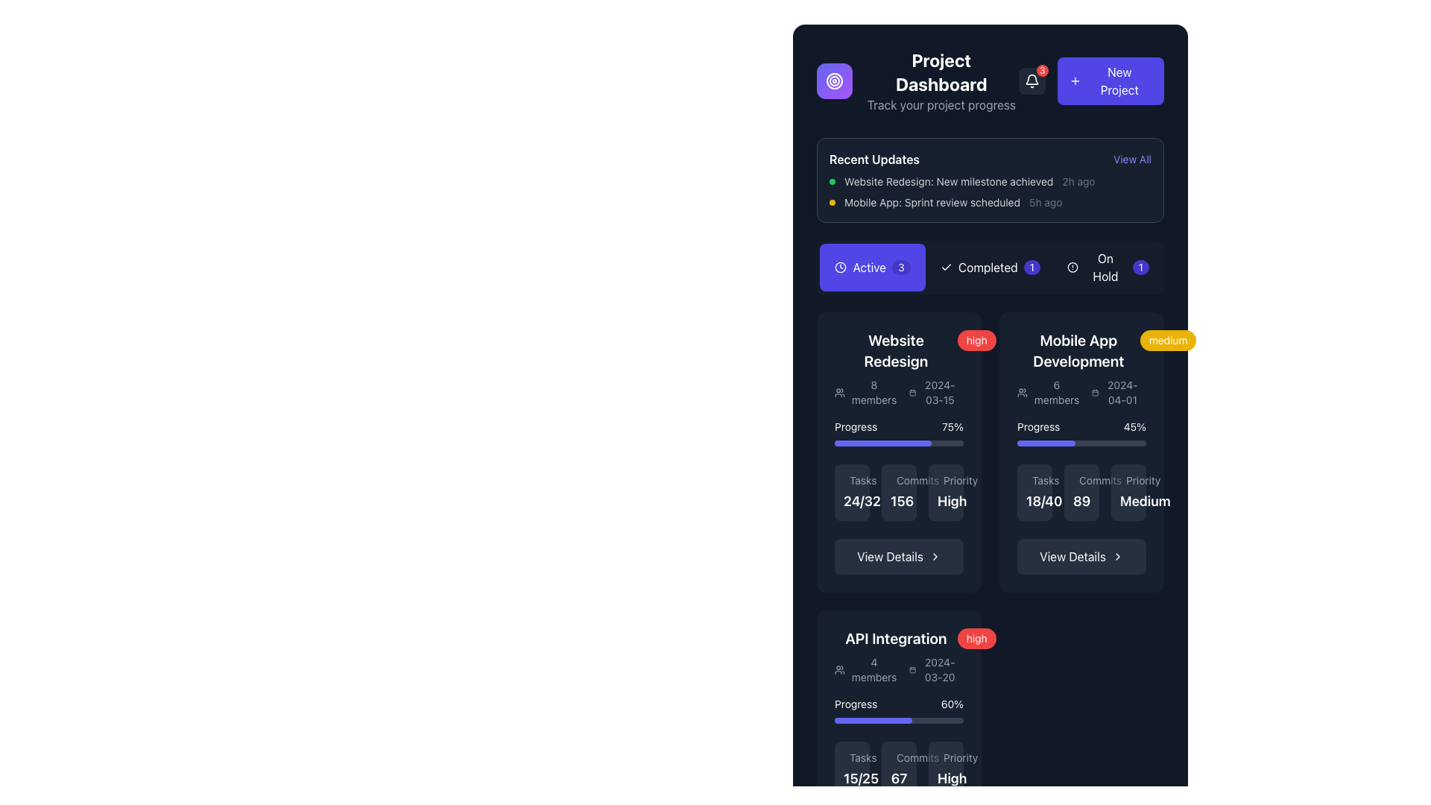 The height and width of the screenshot is (805, 1431). What do you see at coordinates (914, 720) in the screenshot?
I see `progress bar` at bounding box center [914, 720].